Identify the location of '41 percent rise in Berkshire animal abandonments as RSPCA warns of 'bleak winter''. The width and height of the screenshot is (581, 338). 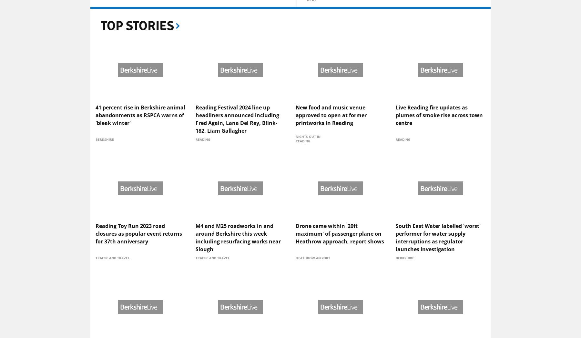
(95, 166).